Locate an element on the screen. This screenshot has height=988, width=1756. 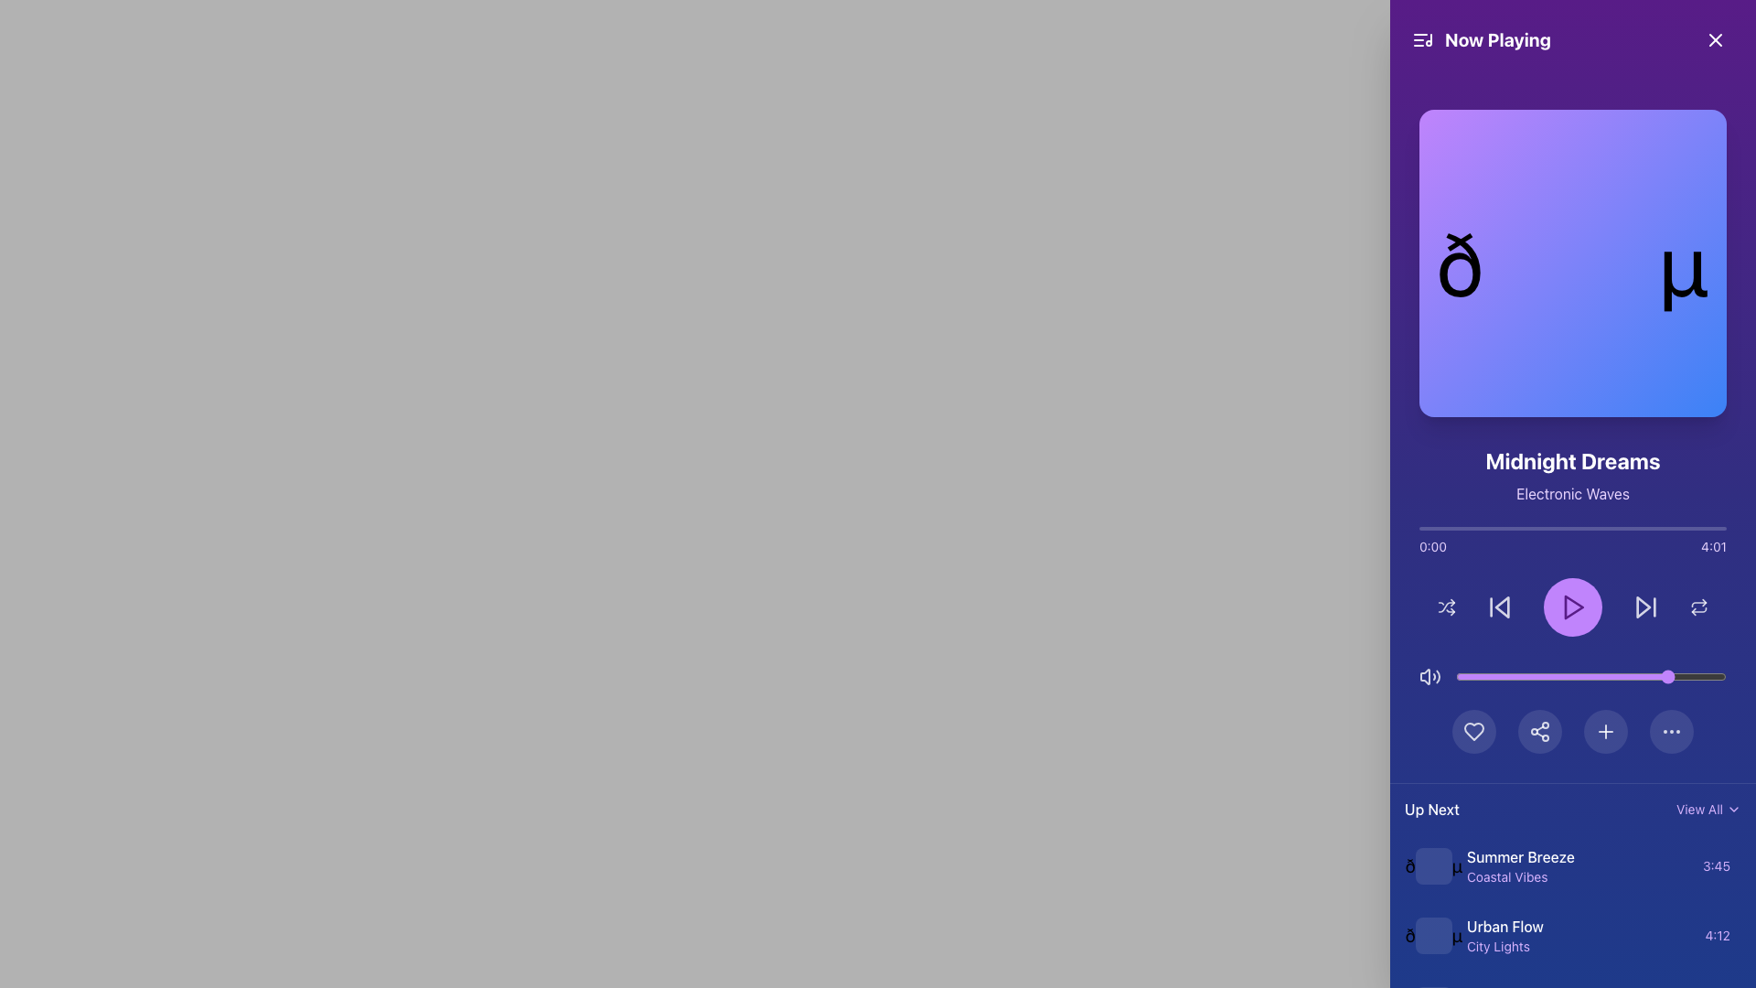
the line segment forming part of the 'X' icon used as a close button in the top-right corner of the interface above the 'Now Playing' title is located at coordinates (1715, 39).